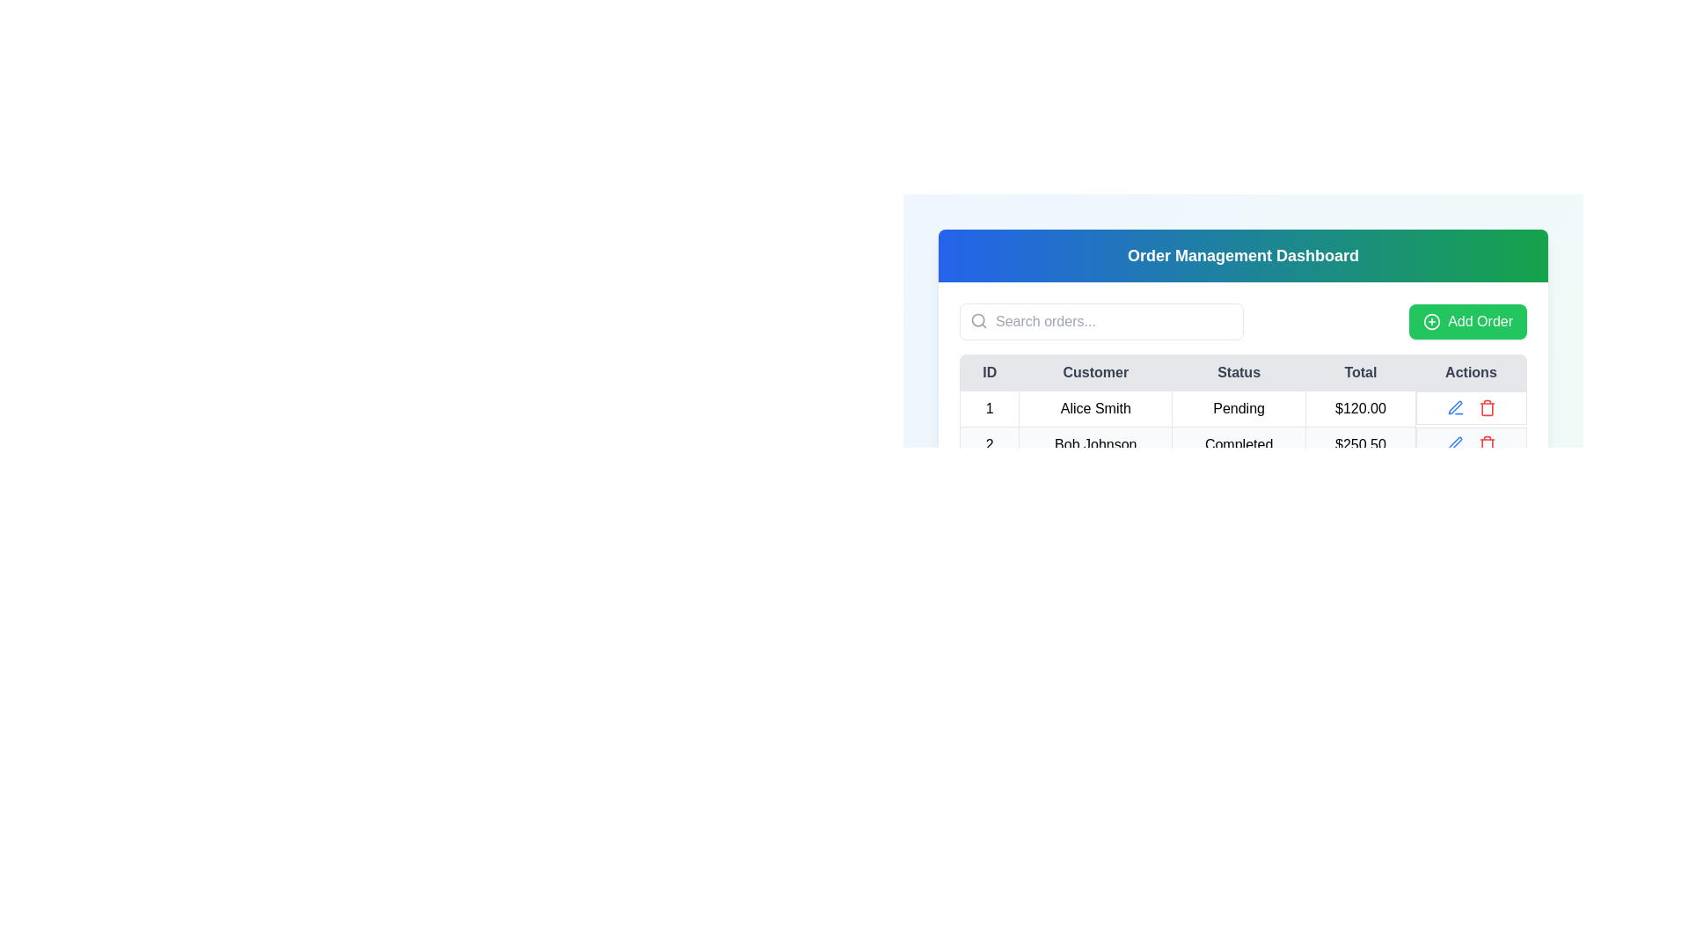 The width and height of the screenshot is (1689, 950). What do you see at coordinates (990, 372) in the screenshot?
I see `the first header cell in the table that labels the ID column, located at the top left of the table` at bounding box center [990, 372].